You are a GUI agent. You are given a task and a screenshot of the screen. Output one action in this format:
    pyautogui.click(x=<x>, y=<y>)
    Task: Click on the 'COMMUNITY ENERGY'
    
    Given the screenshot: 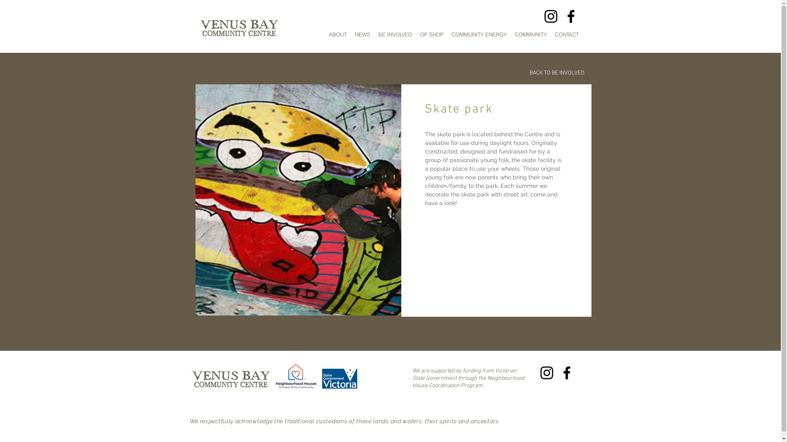 What is the action you would take?
    pyautogui.click(x=479, y=34)
    